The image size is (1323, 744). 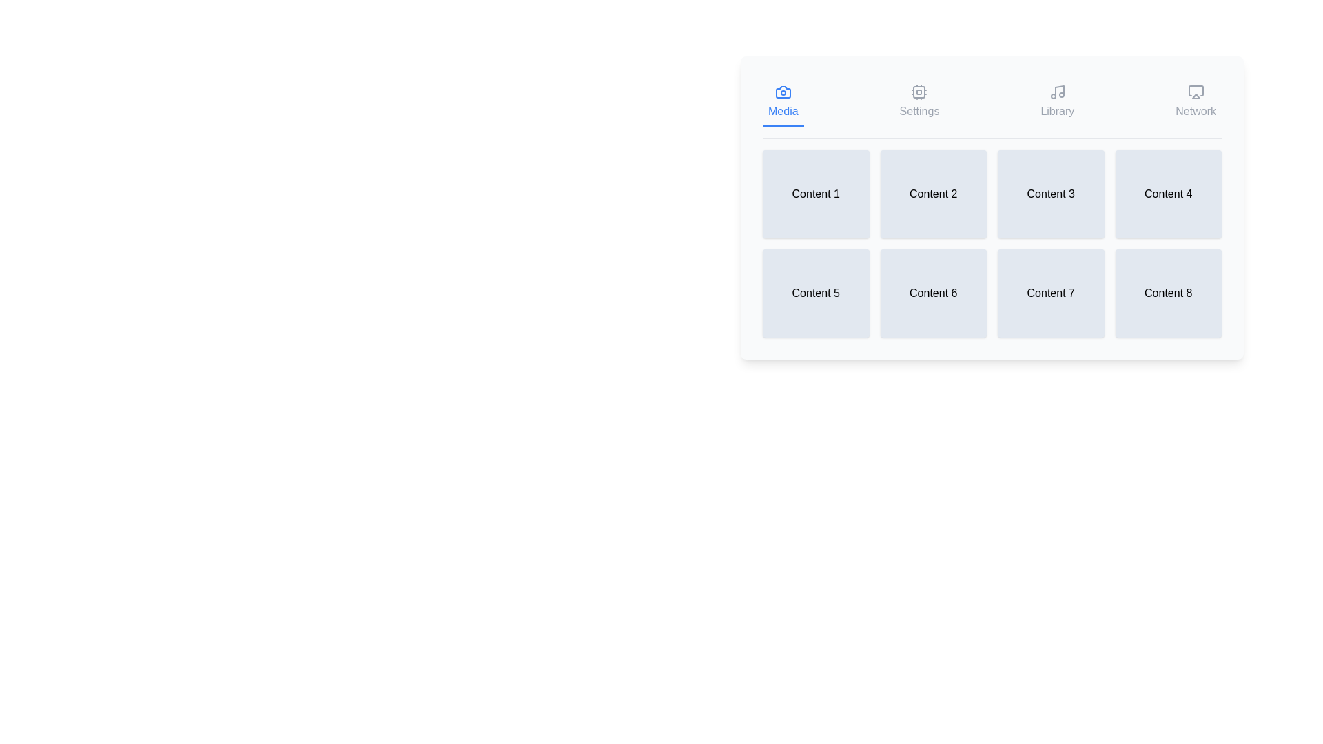 I want to click on the tab icon labeled Network to observe the tooltip or feedback, so click(x=1195, y=102).